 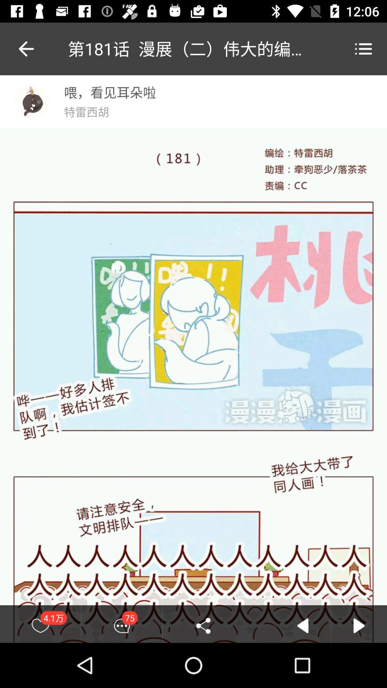 What do you see at coordinates (359, 625) in the screenshot?
I see `front arrow button` at bounding box center [359, 625].